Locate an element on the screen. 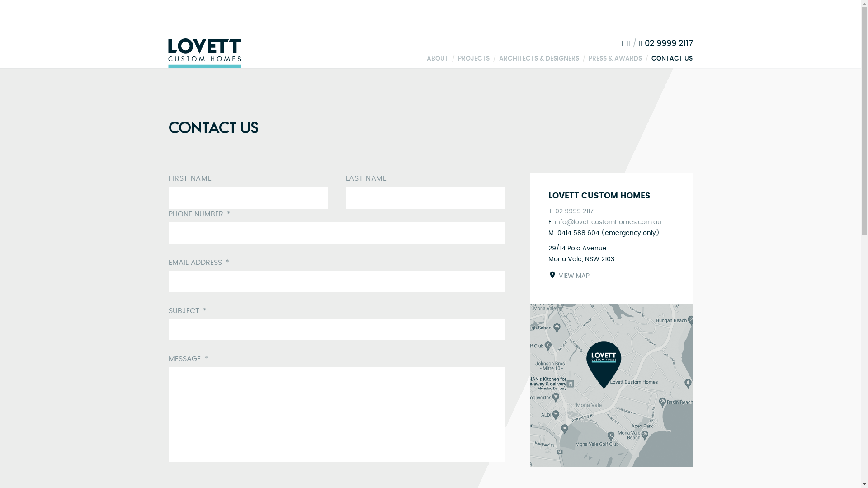 This screenshot has width=868, height=488. 'CONTACT US' is located at coordinates (671, 58).